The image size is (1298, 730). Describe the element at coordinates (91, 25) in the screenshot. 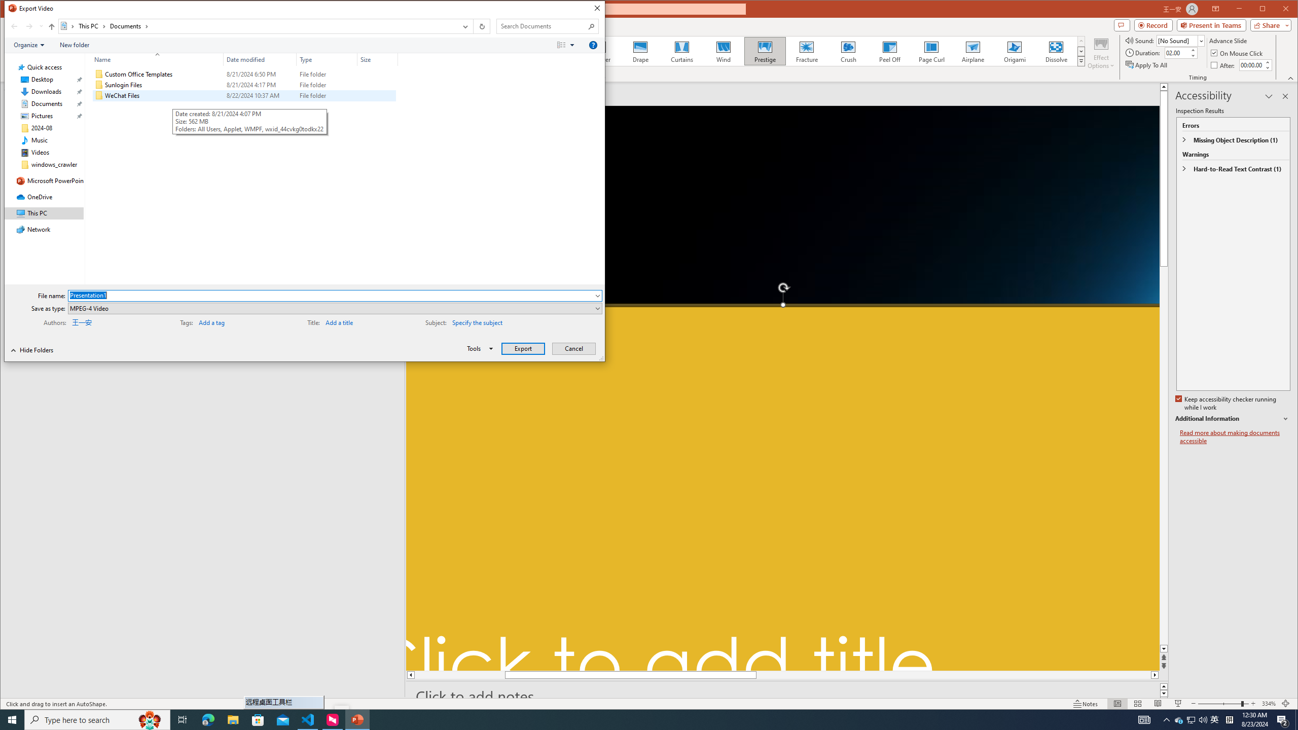

I see `'This PC'` at that location.